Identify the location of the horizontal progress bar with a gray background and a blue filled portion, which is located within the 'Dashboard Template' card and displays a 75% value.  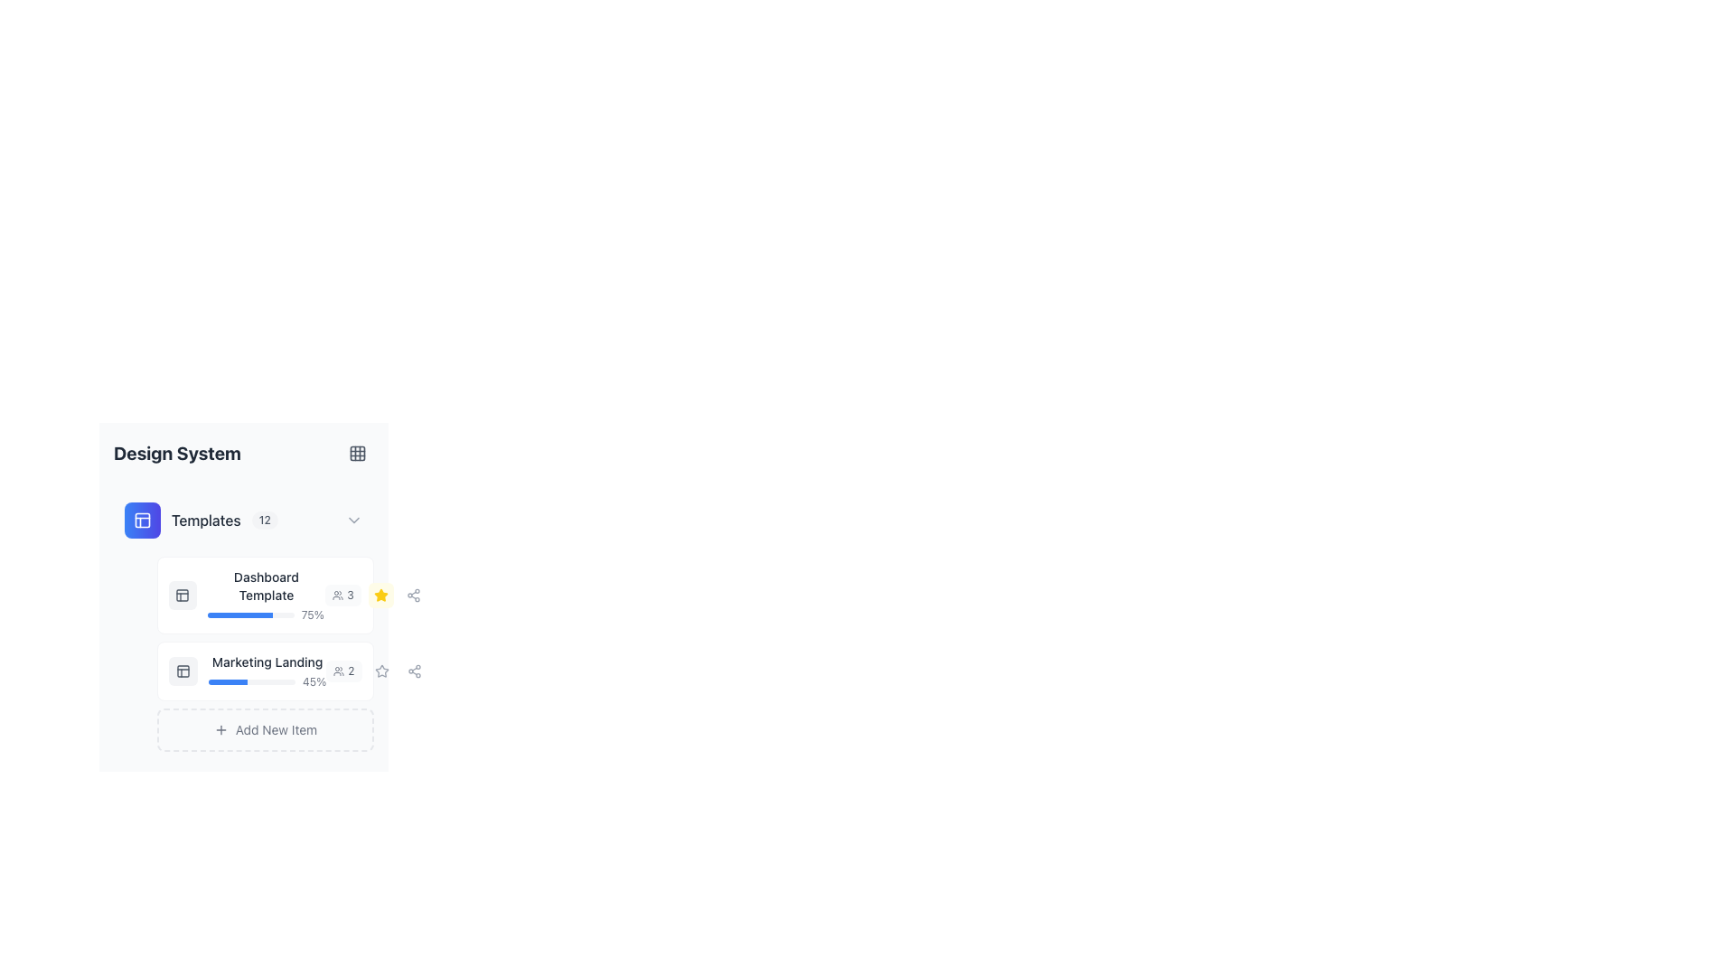
(249, 615).